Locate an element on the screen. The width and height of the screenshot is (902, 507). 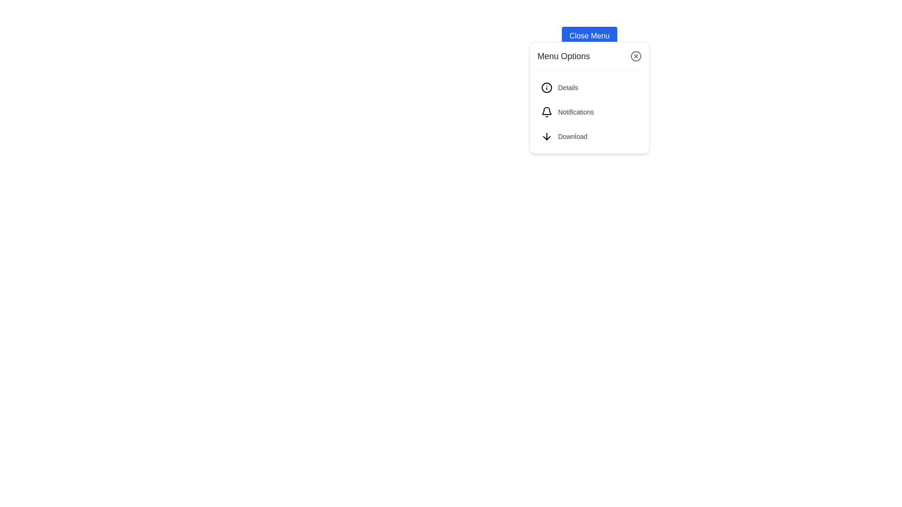
the close button icon located in the upper-right corner of the 'Menu Options' box, which is represented by a circular SVG graphic with a cross inside is located at coordinates (636, 56).